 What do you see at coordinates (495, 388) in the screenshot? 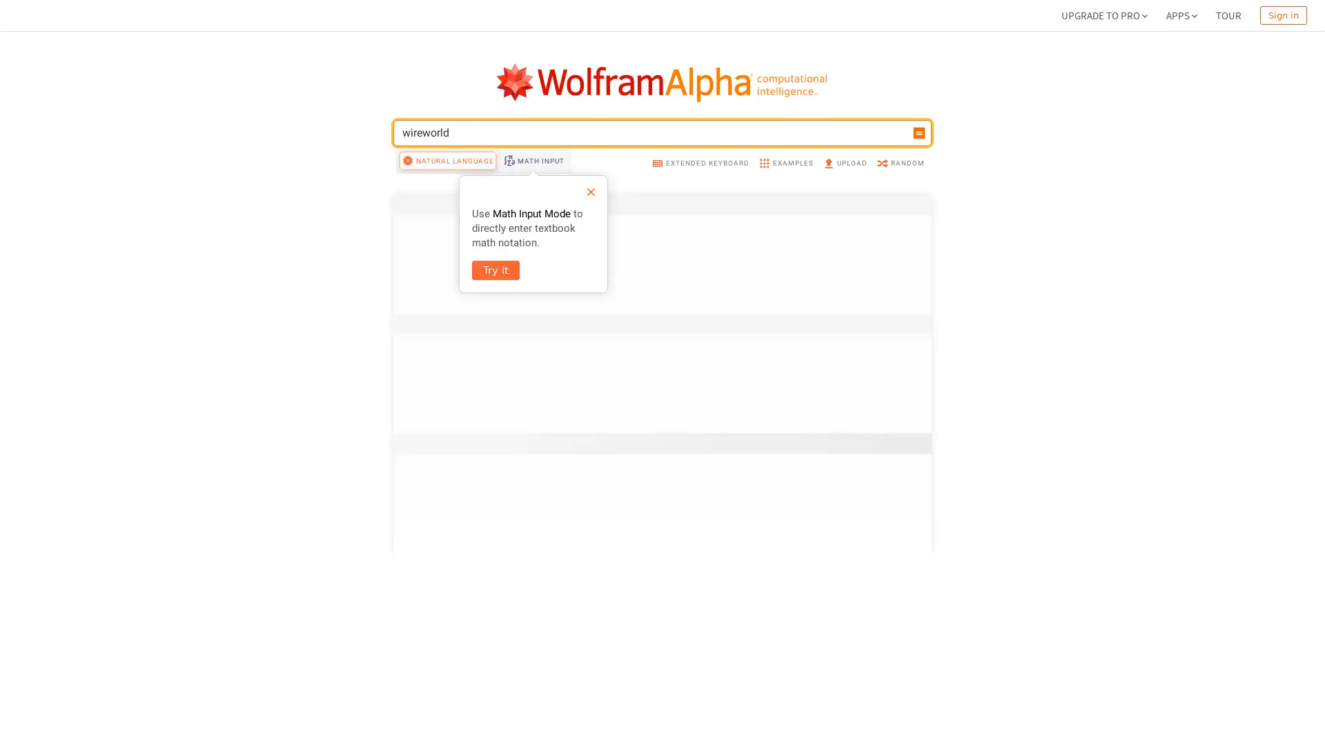
I see `Try it` at bounding box center [495, 388].